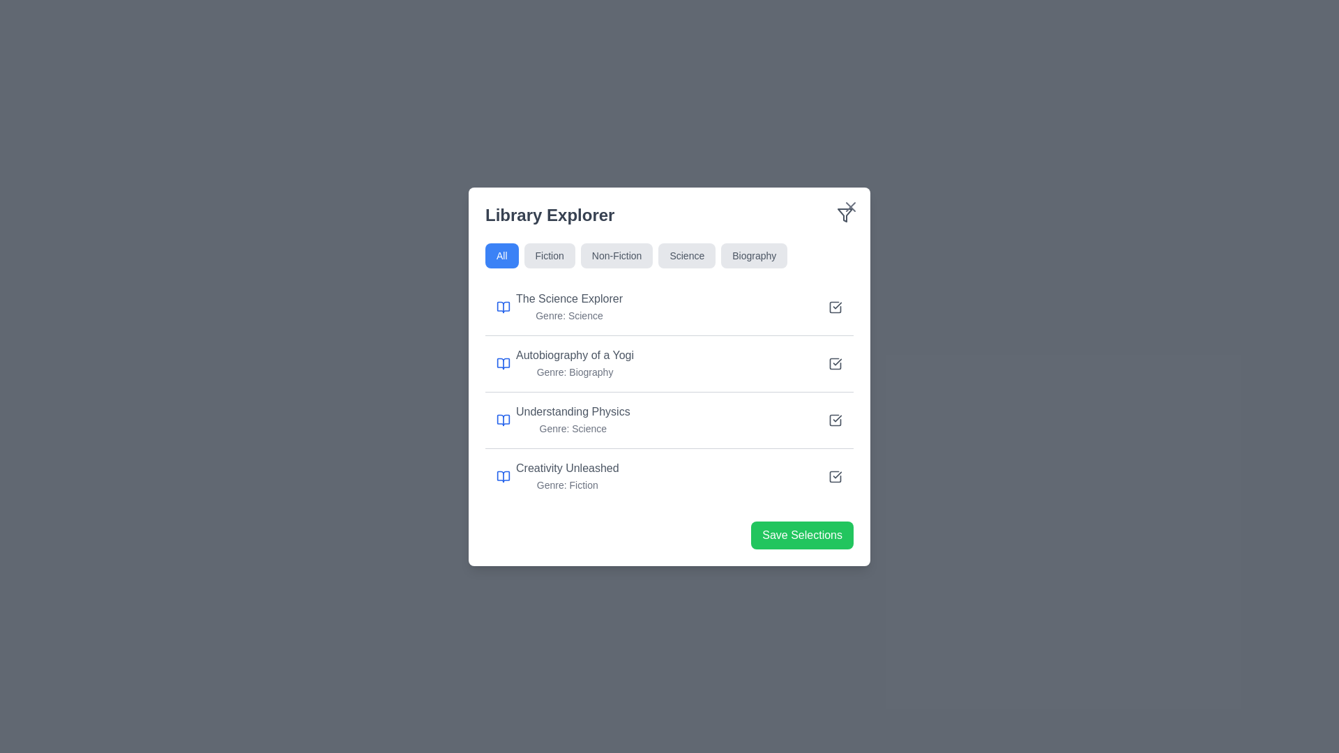  What do you see at coordinates (569, 298) in the screenshot?
I see `the label that reads 'The Science Explorer', styled with medium font weight and gray color, positioned on the left side of the first item in the list` at bounding box center [569, 298].